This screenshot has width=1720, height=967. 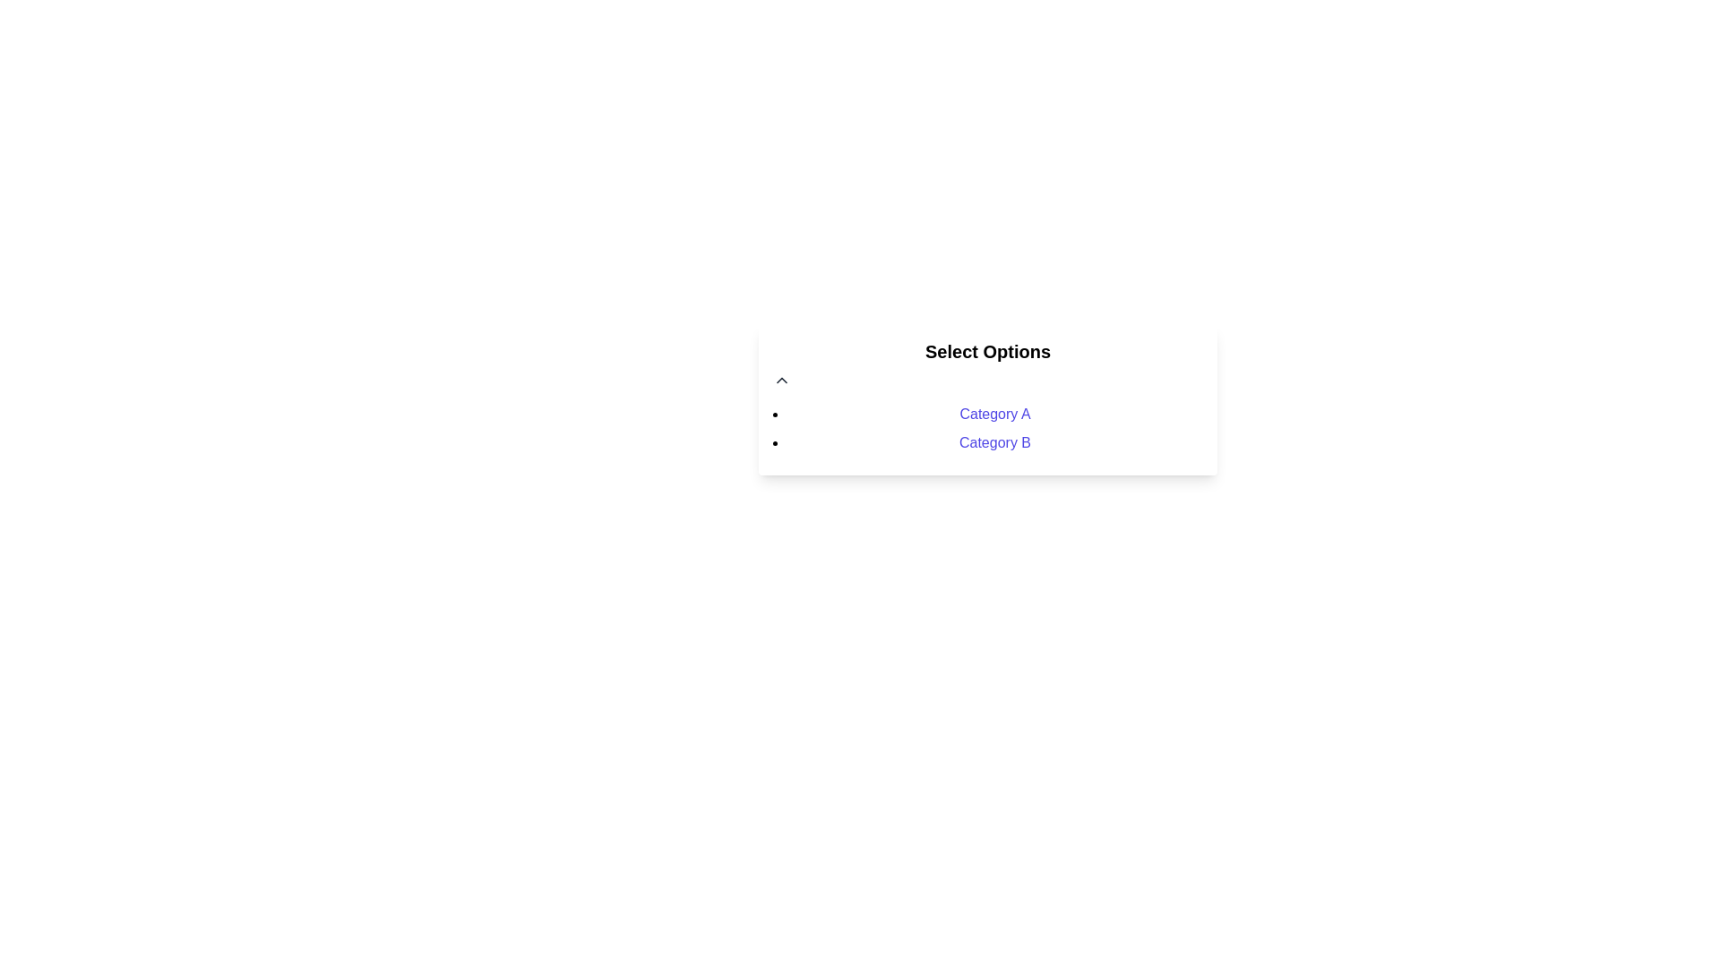 I want to click on the interactive bulleted list containing 'Category A' and 'Category B' options under the heading 'Select Options', so click(x=993, y=428).